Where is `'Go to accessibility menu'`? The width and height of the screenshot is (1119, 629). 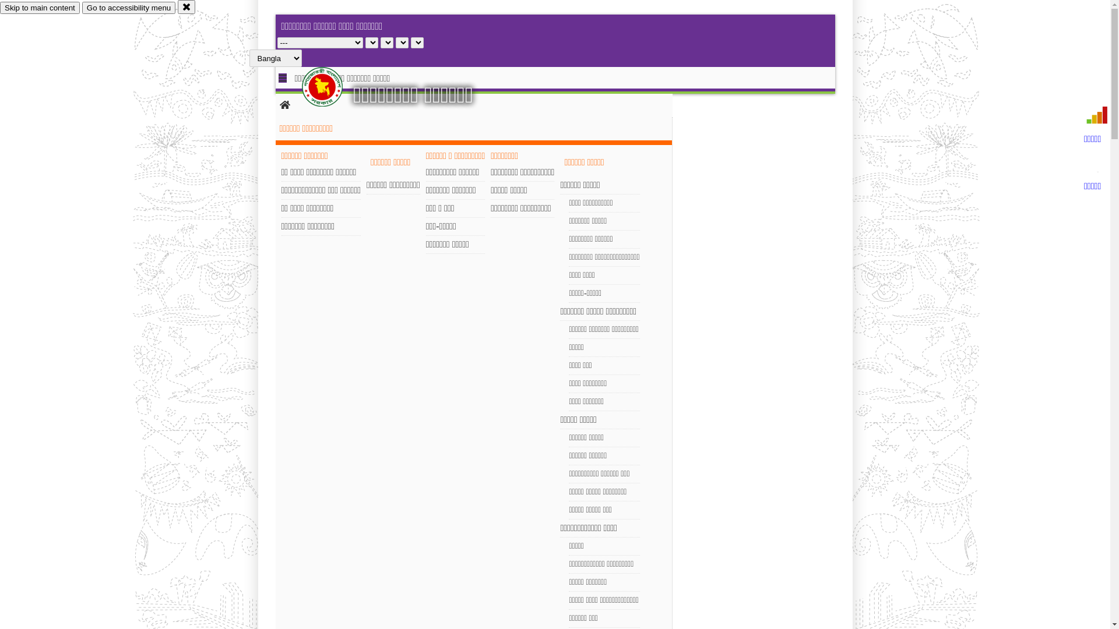 'Go to accessibility menu' is located at coordinates (128, 8).